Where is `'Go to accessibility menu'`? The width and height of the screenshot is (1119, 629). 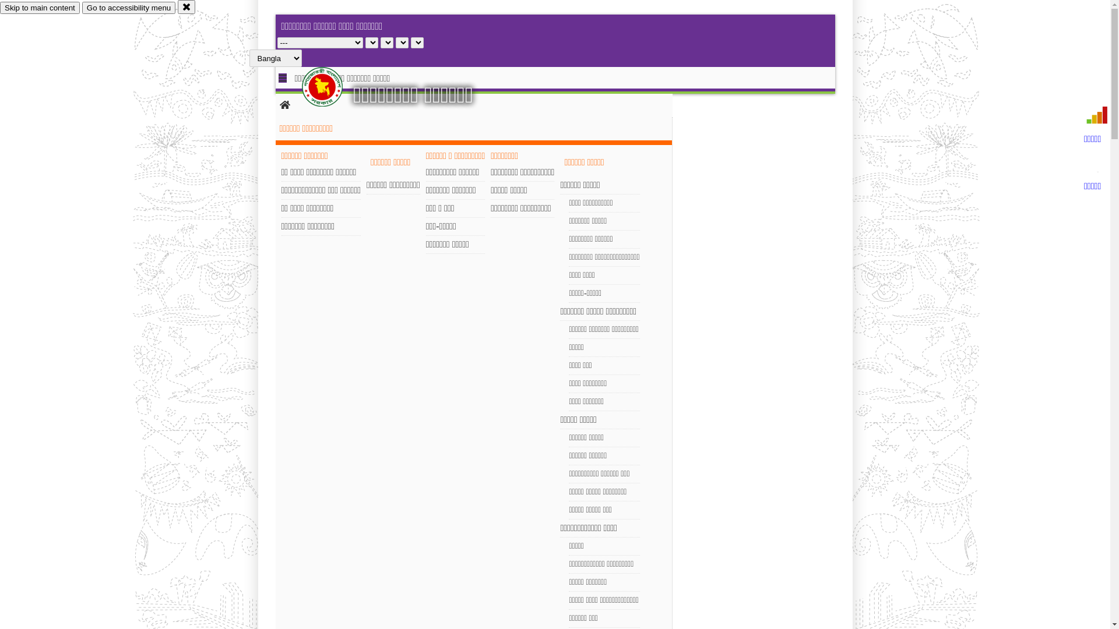 'Go to accessibility menu' is located at coordinates (128, 8).